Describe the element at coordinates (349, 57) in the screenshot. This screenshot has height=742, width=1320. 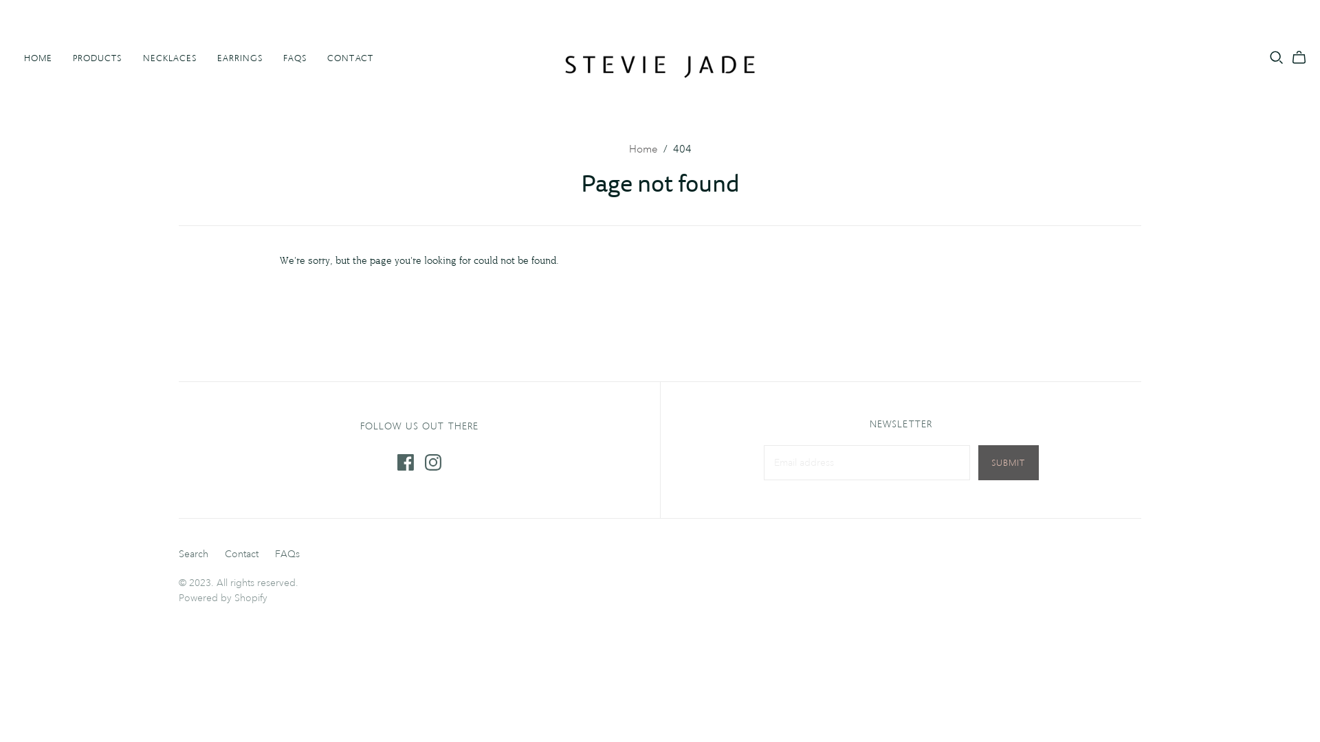
I see `'CONTACT'` at that location.